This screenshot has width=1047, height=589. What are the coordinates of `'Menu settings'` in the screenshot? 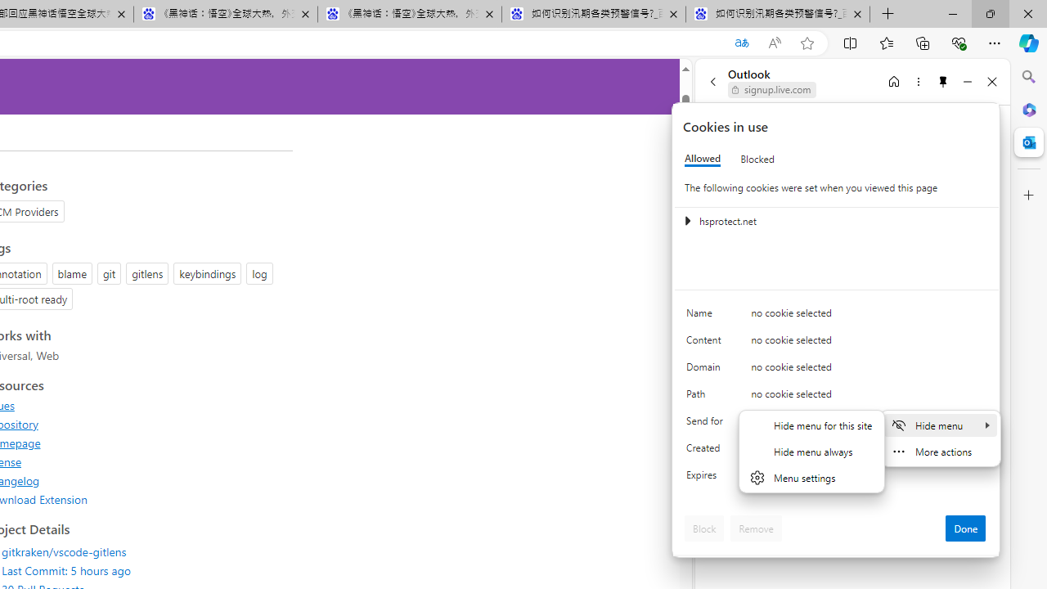 It's located at (811, 477).